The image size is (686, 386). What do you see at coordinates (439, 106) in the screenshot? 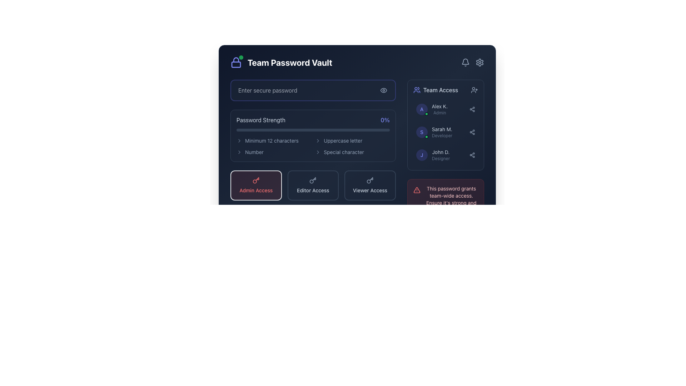
I see `the static text label displaying the user identifier in the 'Team Access' list, which shows the user's name followed by their role ('Admin')` at bounding box center [439, 106].